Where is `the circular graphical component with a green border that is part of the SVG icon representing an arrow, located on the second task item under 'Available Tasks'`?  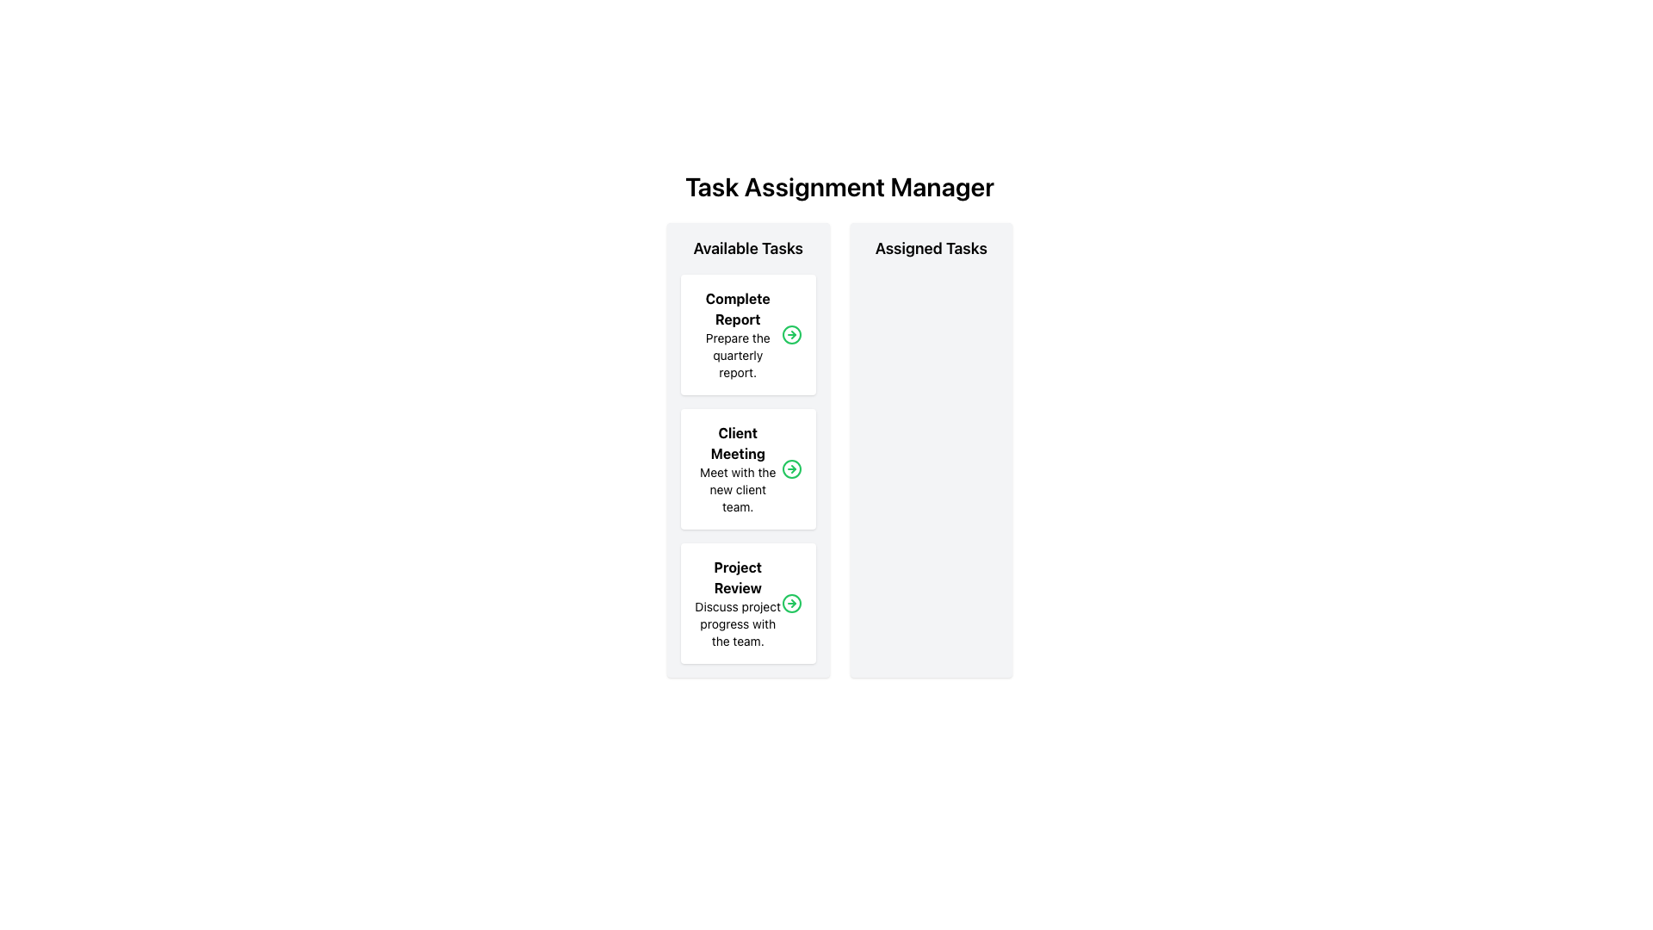
the circular graphical component with a green border that is part of the SVG icon representing an arrow, located on the second task item under 'Available Tasks' is located at coordinates (790, 335).